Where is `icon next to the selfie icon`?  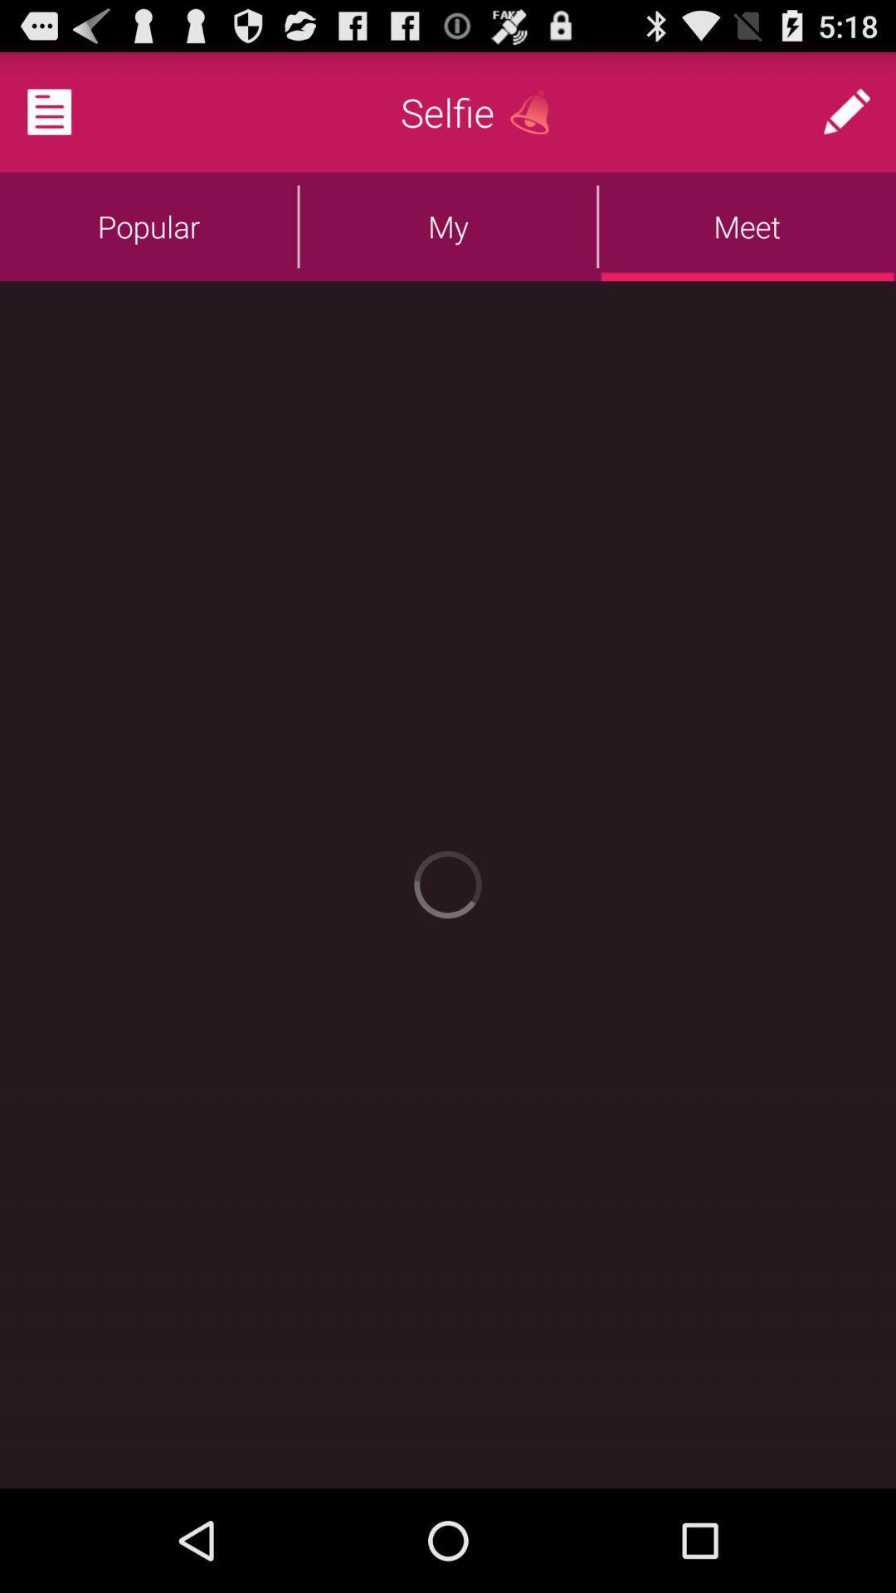
icon next to the selfie icon is located at coordinates (536, 111).